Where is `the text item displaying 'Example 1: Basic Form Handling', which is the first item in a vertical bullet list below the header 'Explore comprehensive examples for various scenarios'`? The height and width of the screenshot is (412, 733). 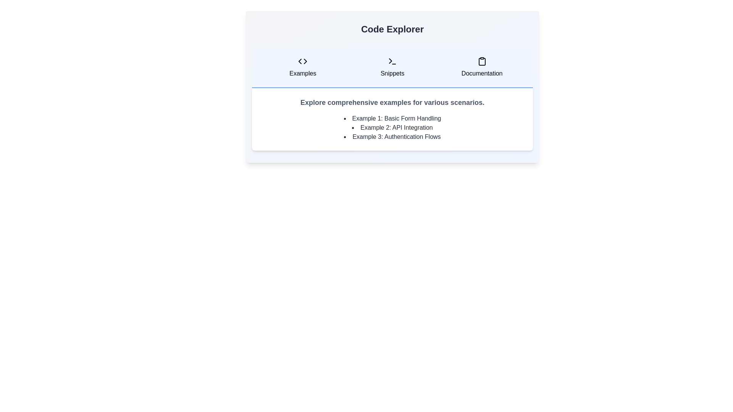
the text item displaying 'Example 1: Basic Form Handling', which is the first item in a vertical bullet list below the header 'Explore comprehensive examples for various scenarios' is located at coordinates (392, 119).